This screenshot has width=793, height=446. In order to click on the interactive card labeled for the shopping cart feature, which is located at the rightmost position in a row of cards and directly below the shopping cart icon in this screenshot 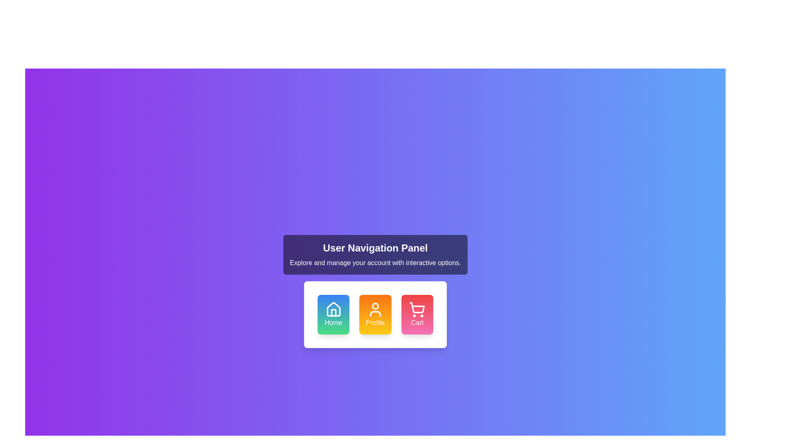, I will do `click(417, 323)`.